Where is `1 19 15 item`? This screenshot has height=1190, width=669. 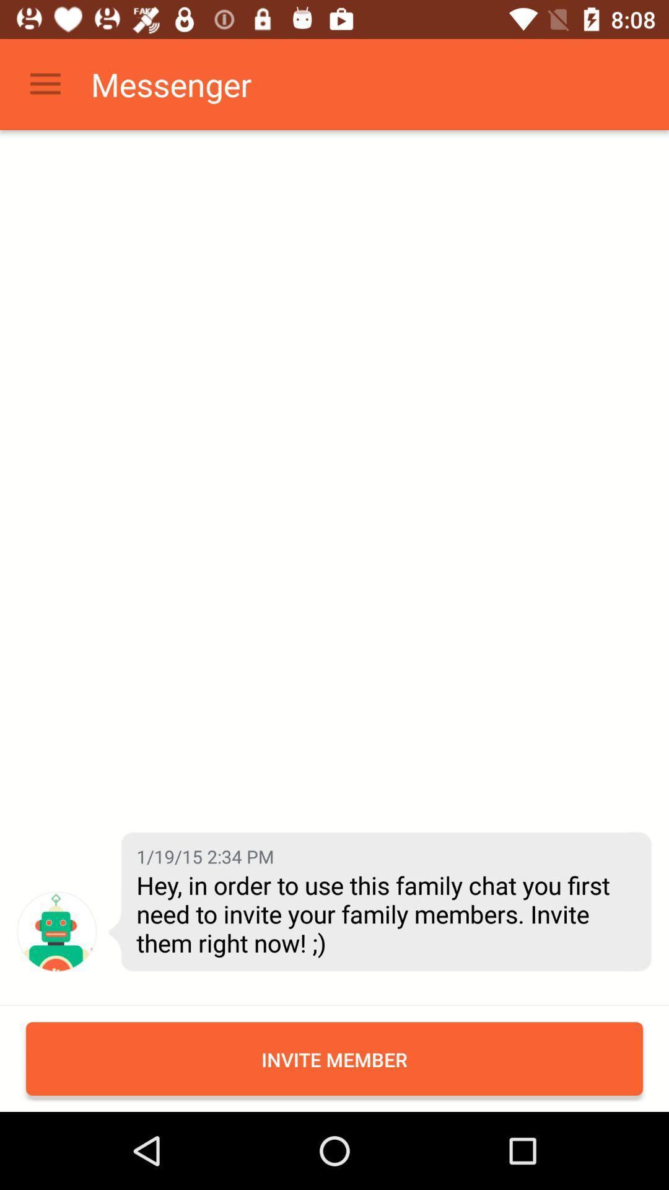 1 19 15 item is located at coordinates (204, 855).